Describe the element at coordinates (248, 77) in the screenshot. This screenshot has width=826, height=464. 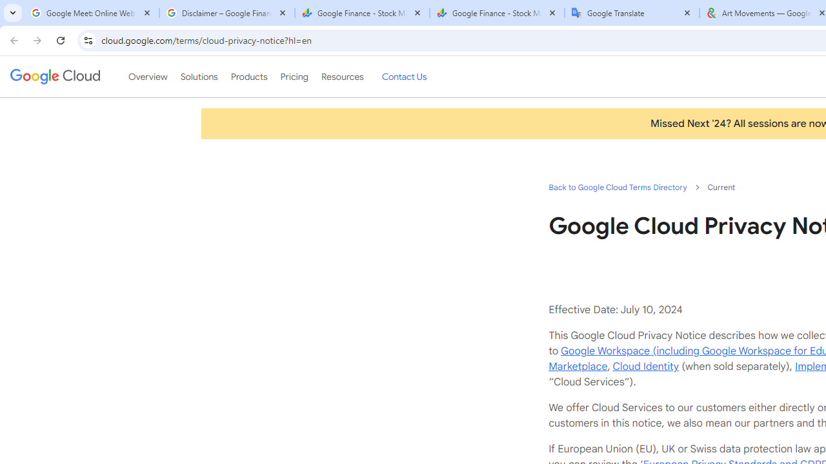
I see `'Products'` at that location.